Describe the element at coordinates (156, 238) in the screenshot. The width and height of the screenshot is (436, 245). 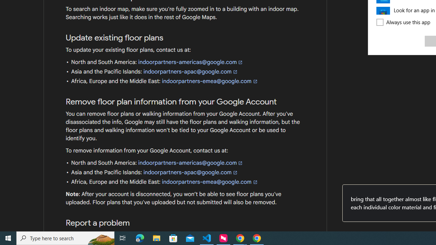
I see `'File Explorer'` at that location.